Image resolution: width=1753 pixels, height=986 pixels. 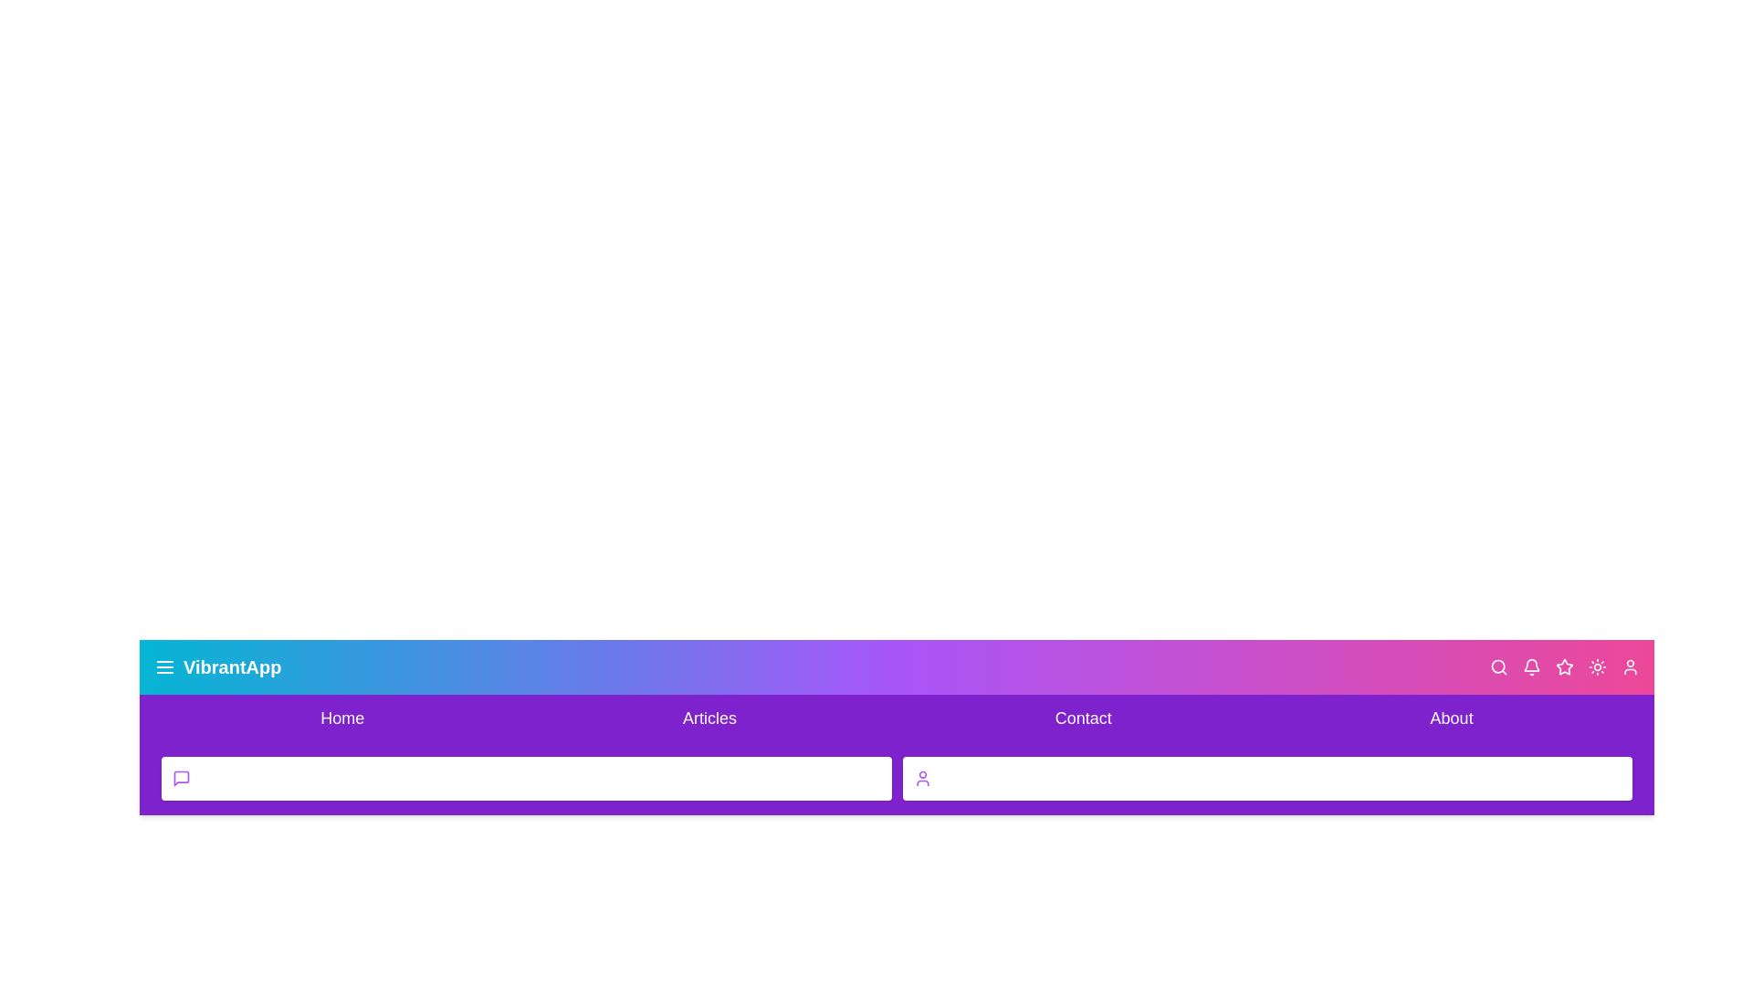 What do you see at coordinates (525, 778) in the screenshot?
I see `the call-to-action element Engage with us in the menu` at bounding box center [525, 778].